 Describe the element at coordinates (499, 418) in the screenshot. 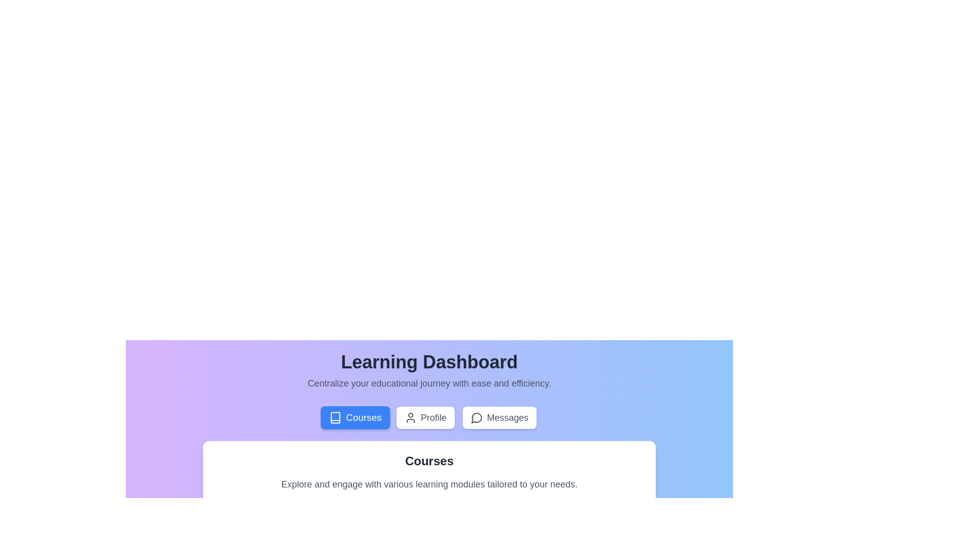

I see `the Messages tab to switch to its content` at that location.